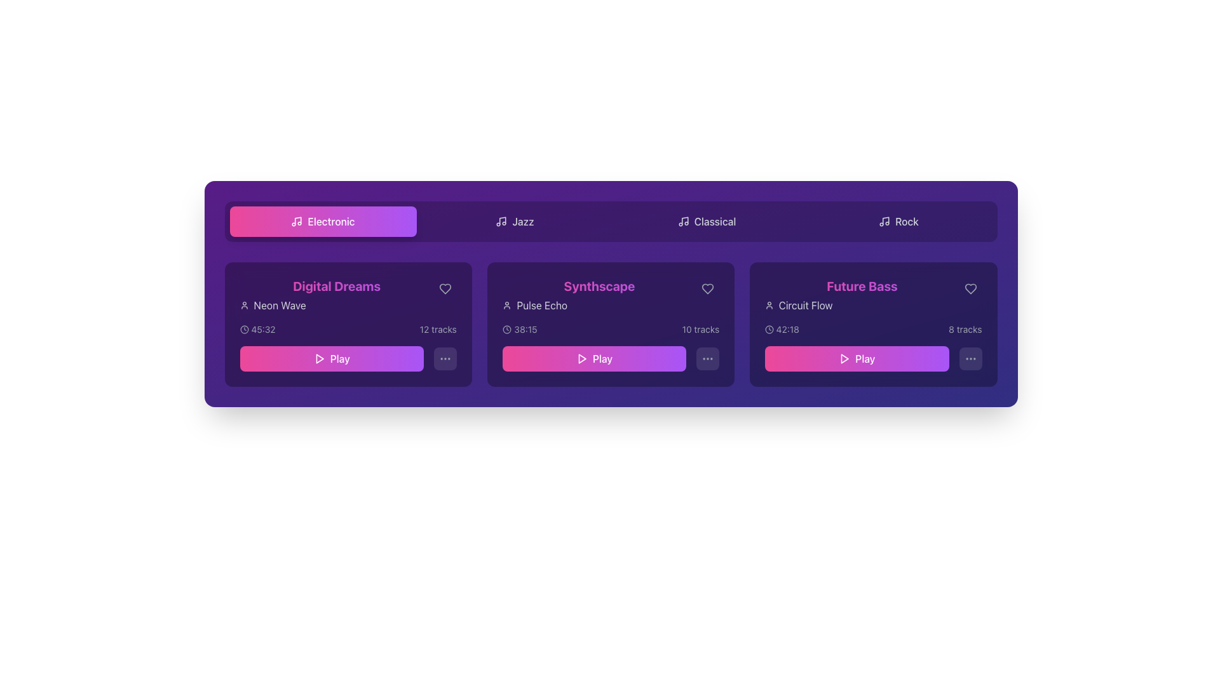 Image resolution: width=1220 pixels, height=686 pixels. Describe the element at coordinates (323, 220) in the screenshot. I see `the 'Electronic' button` at that location.